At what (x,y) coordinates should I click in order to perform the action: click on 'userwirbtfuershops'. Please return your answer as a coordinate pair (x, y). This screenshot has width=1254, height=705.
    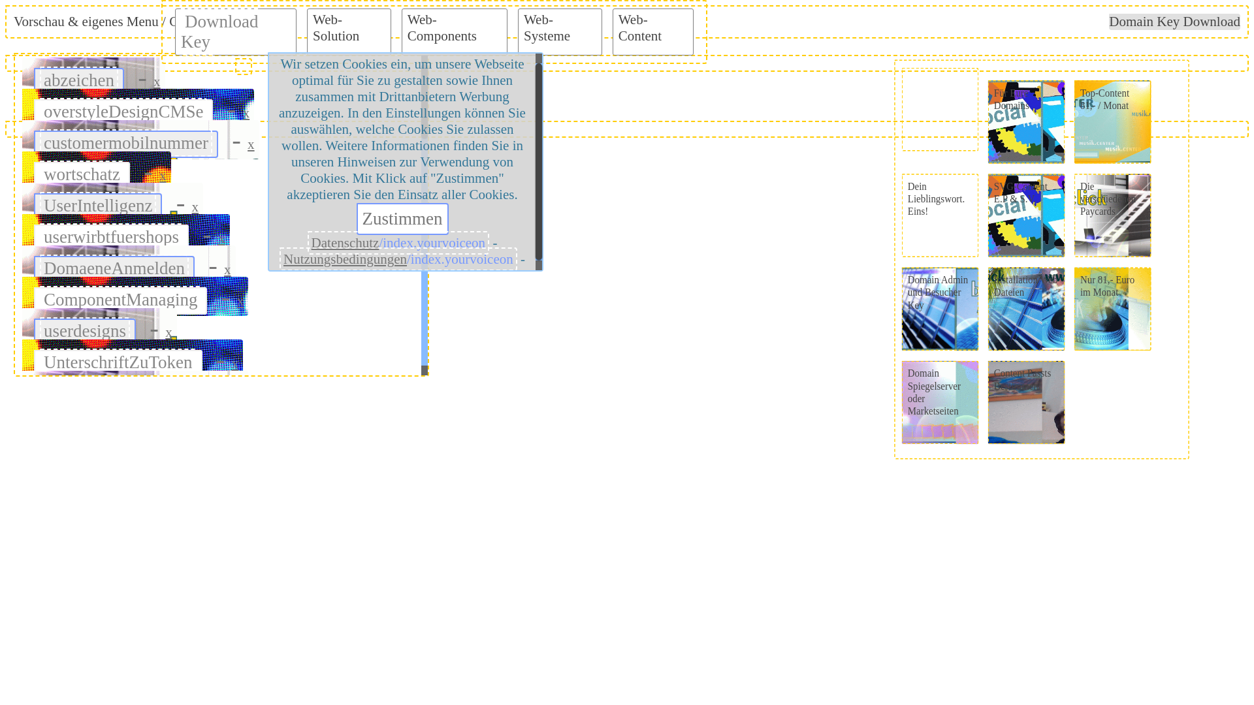
    Looking at the image, I should click on (111, 236).